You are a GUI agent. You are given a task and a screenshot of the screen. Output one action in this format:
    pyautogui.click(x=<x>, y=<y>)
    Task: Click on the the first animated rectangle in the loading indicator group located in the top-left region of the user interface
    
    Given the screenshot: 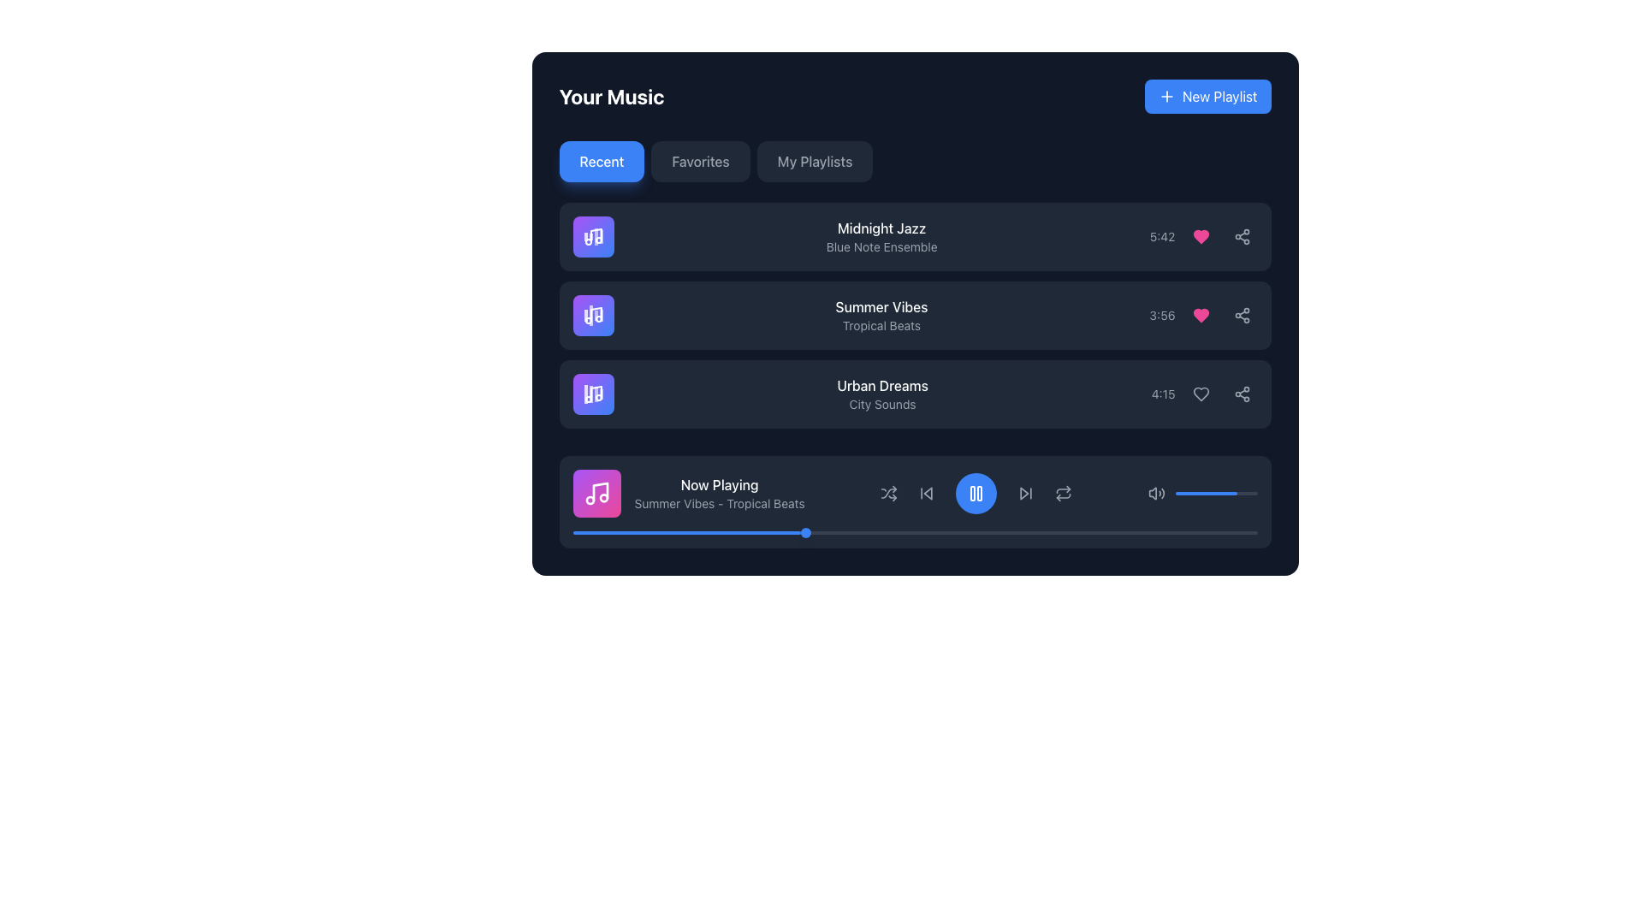 What is the action you would take?
    pyautogui.click(x=585, y=316)
    